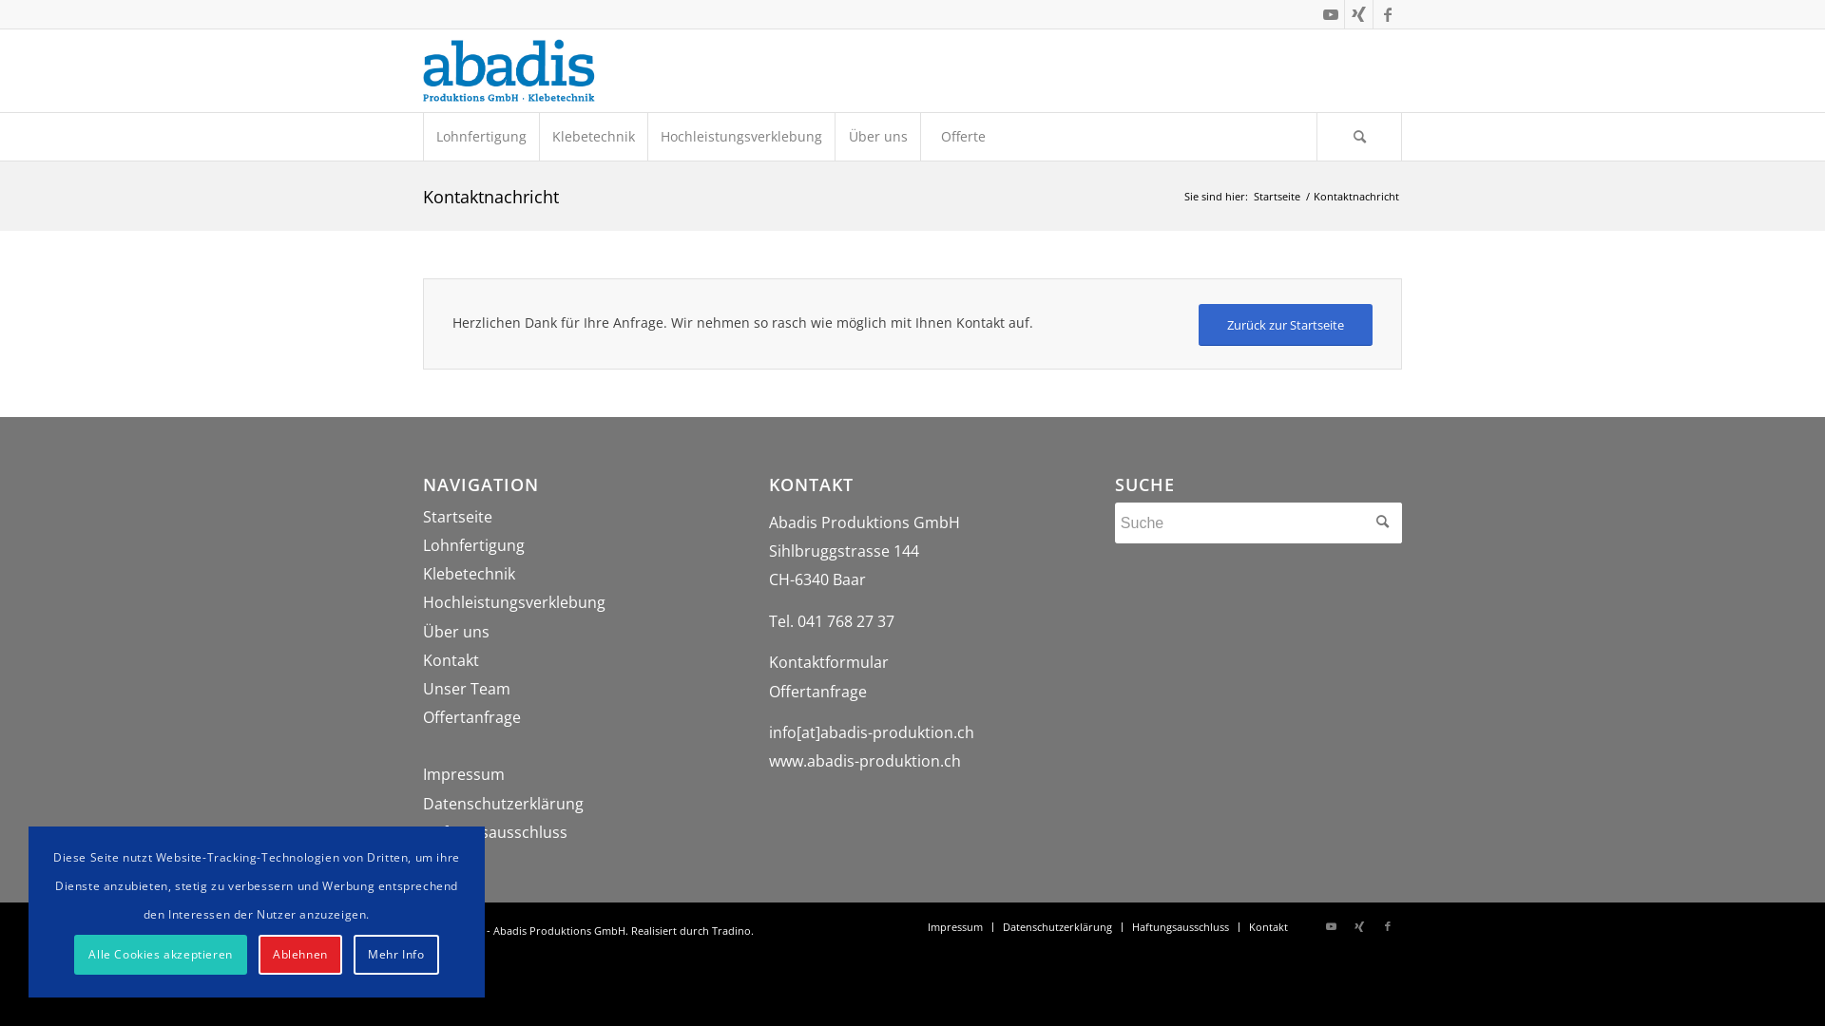 Image resolution: width=1825 pixels, height=1026 pixels. What do you see at coordinates (510, 68) in the screenshot?
I see `'Abadis Produktions GmbH'` at bounding box center [510, 68].